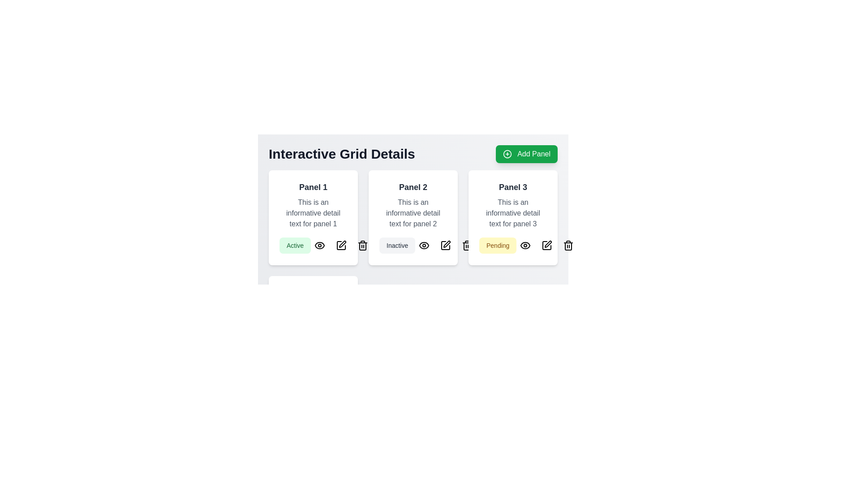 The width and height of the screenshot is (860, 484). I want to click on the edit button located in the bottom action bar of 'Panel 3' to modify the panel's details, so click(546, 245).